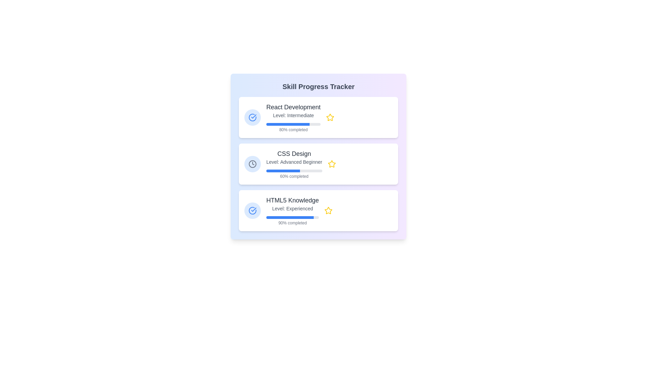 This screenshot has width=659, height=370. What do you see at coordinates (292, 200) in the screenshot?
I see `the static text label displaying 'HTML5 Knowledge', which is styled in a bold, large dark gray font and positioned at the top-left corner of the third section of a vertical list` at bounding box center [292, 200].